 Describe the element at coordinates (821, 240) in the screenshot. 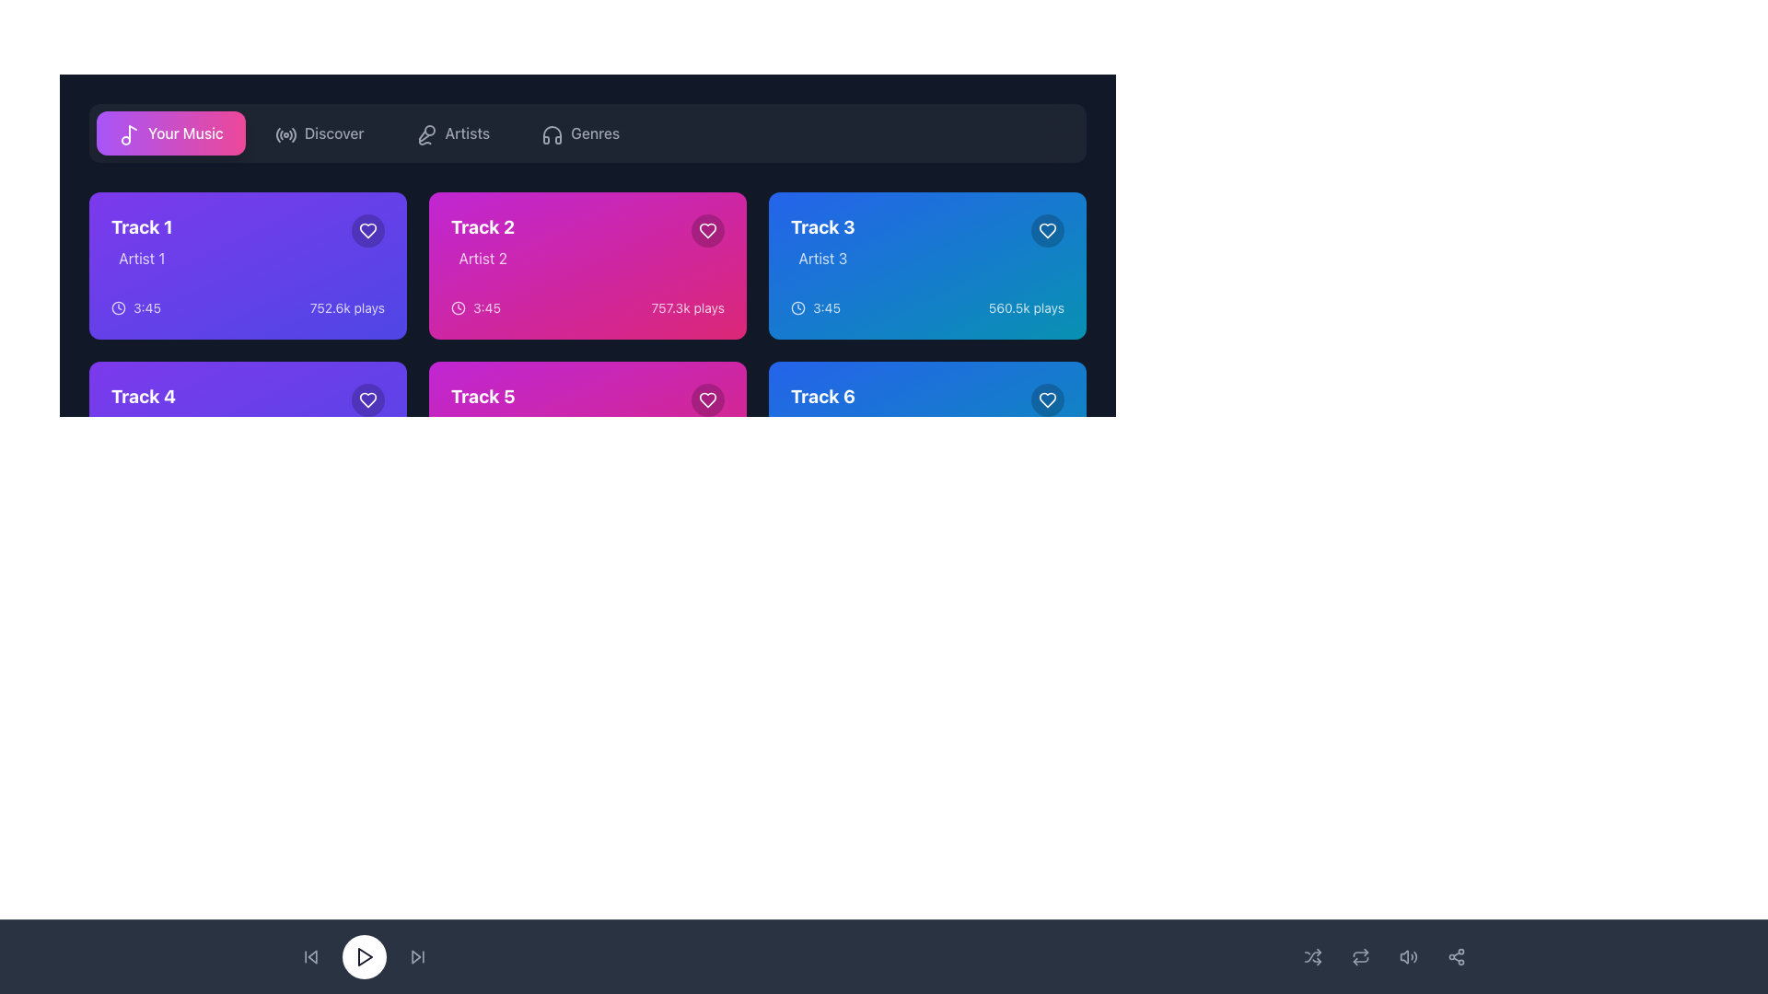

I see `the Text display component that shows track and artist information, located in the top-right corner of the grid, specifically the third item in the first row` at that location.